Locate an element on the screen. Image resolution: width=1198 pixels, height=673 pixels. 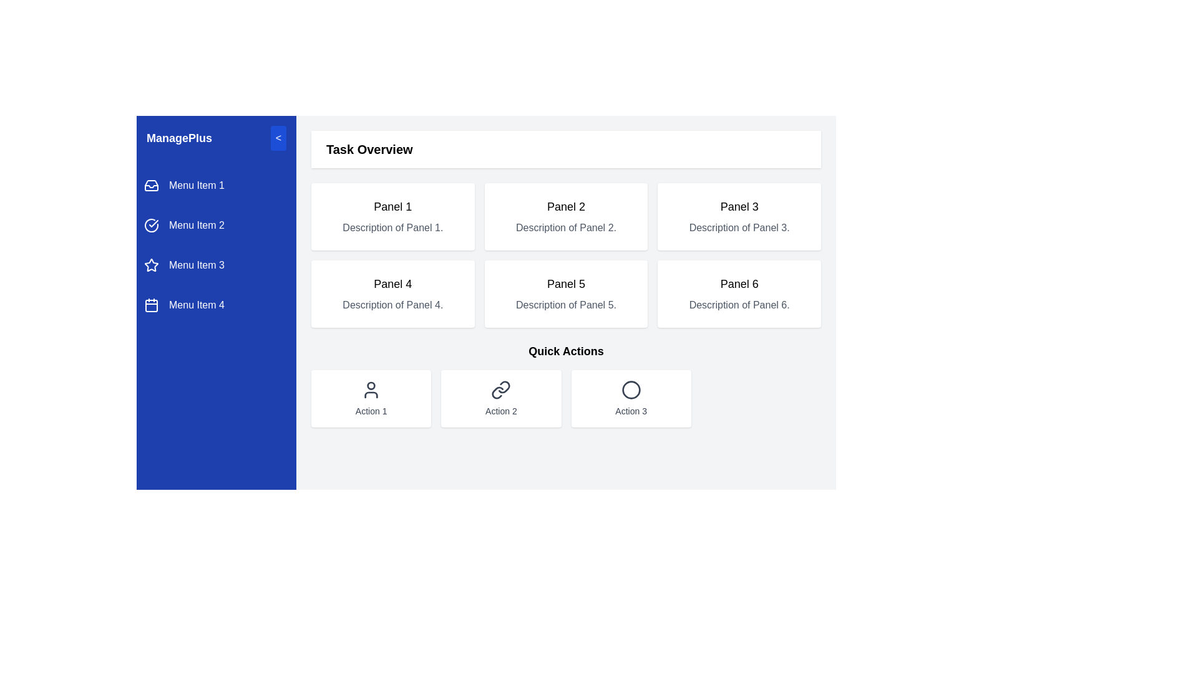
the descriptive text label that provides information about 'Panel 5', located in the middle column of the second row of the grid layout is located at coordinates (565, 305).